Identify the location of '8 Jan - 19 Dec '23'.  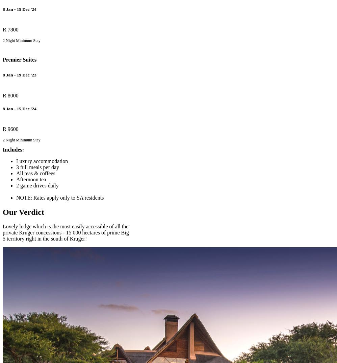
(19, 75).